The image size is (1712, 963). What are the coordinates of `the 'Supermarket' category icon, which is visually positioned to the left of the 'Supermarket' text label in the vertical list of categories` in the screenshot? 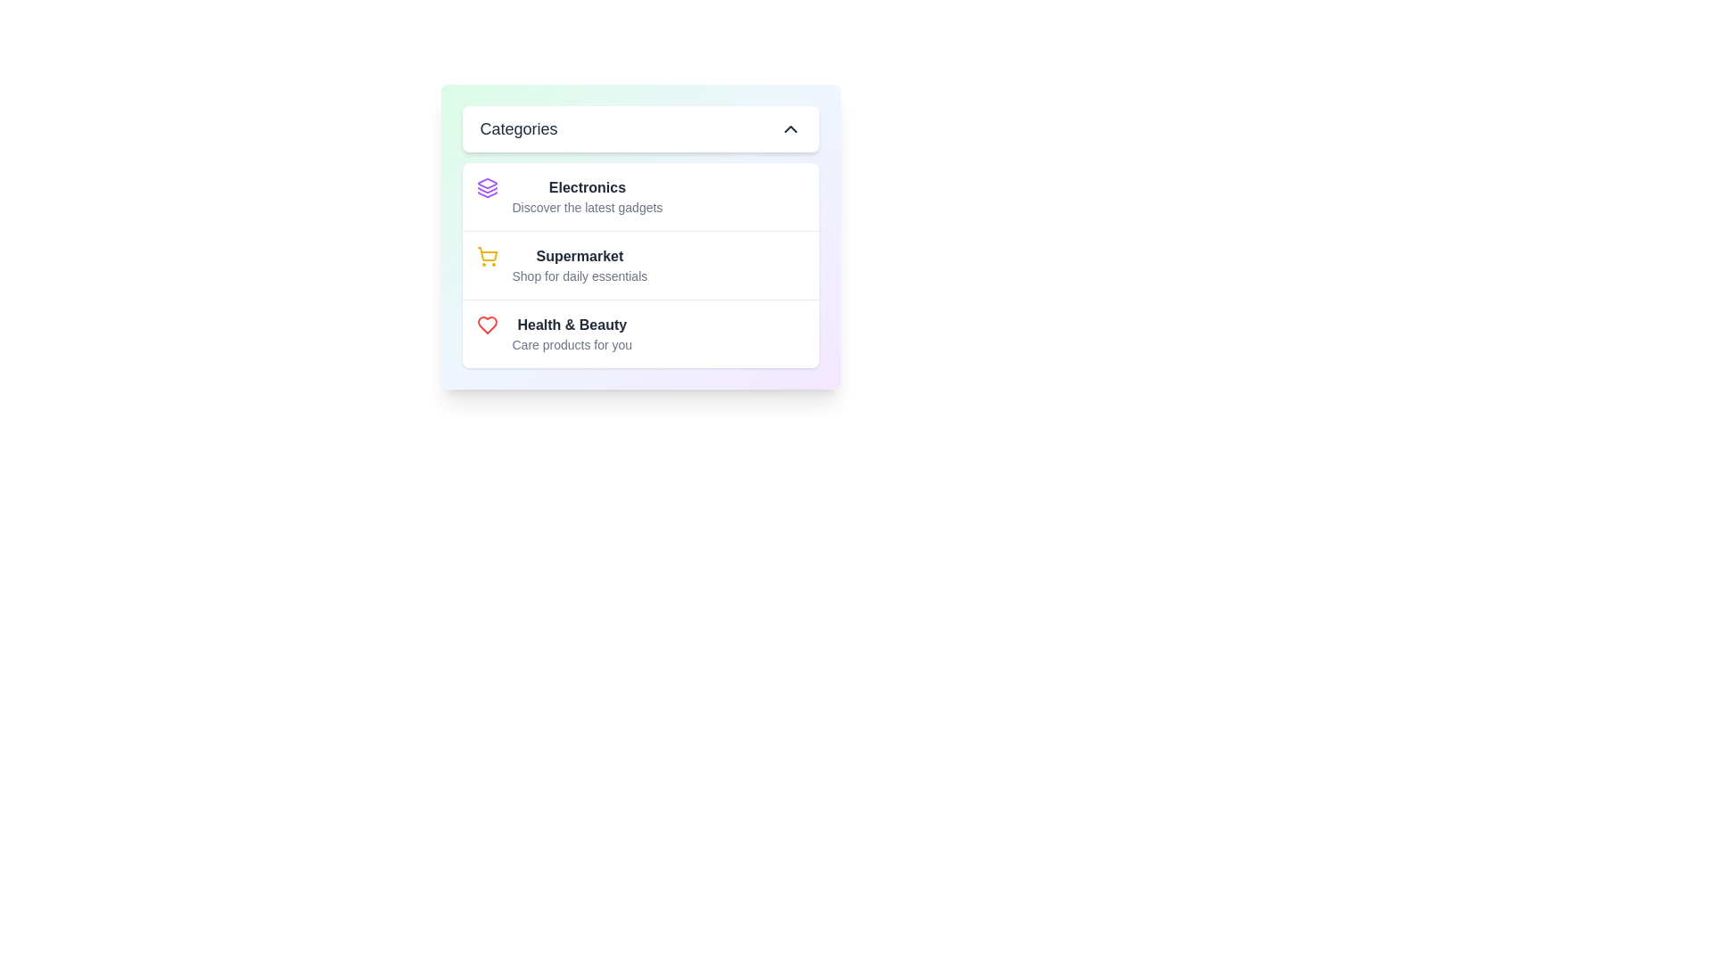 It's located at (487, 257).